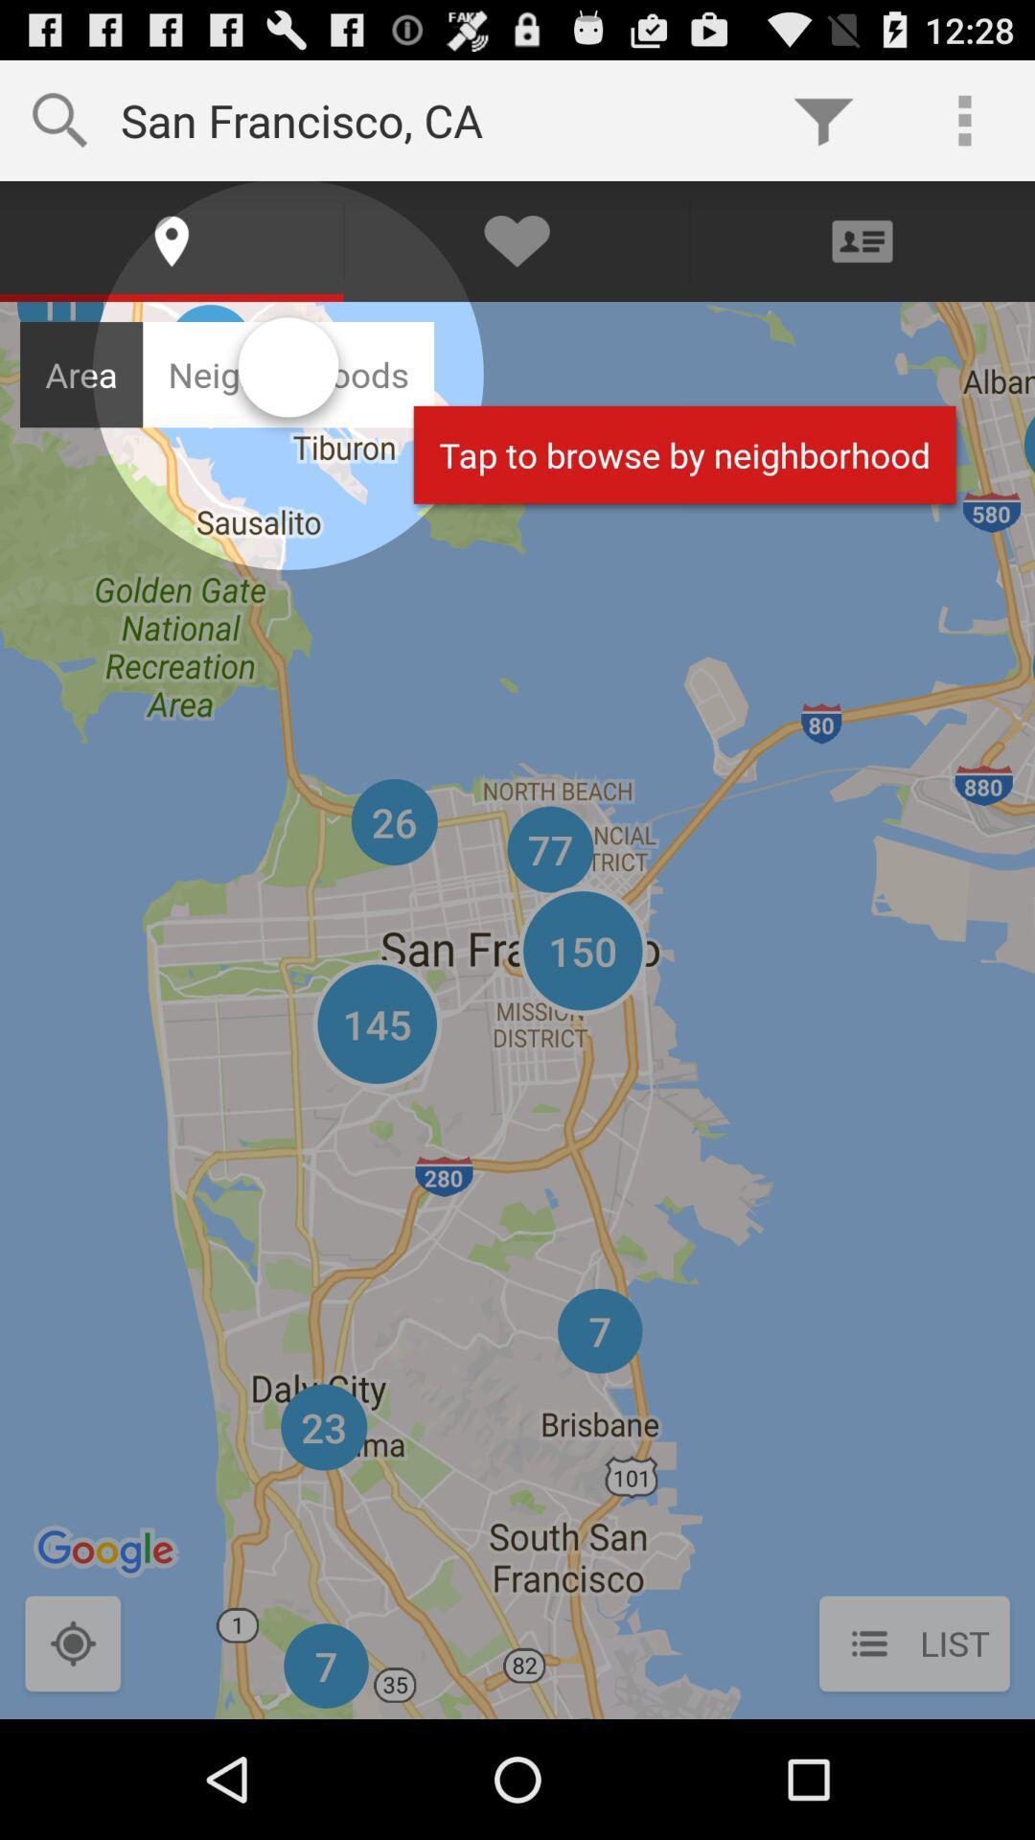  Describe the element at coordinates (72, 1761) in the screenshot. I see `the location_crosshair icon` at that location.